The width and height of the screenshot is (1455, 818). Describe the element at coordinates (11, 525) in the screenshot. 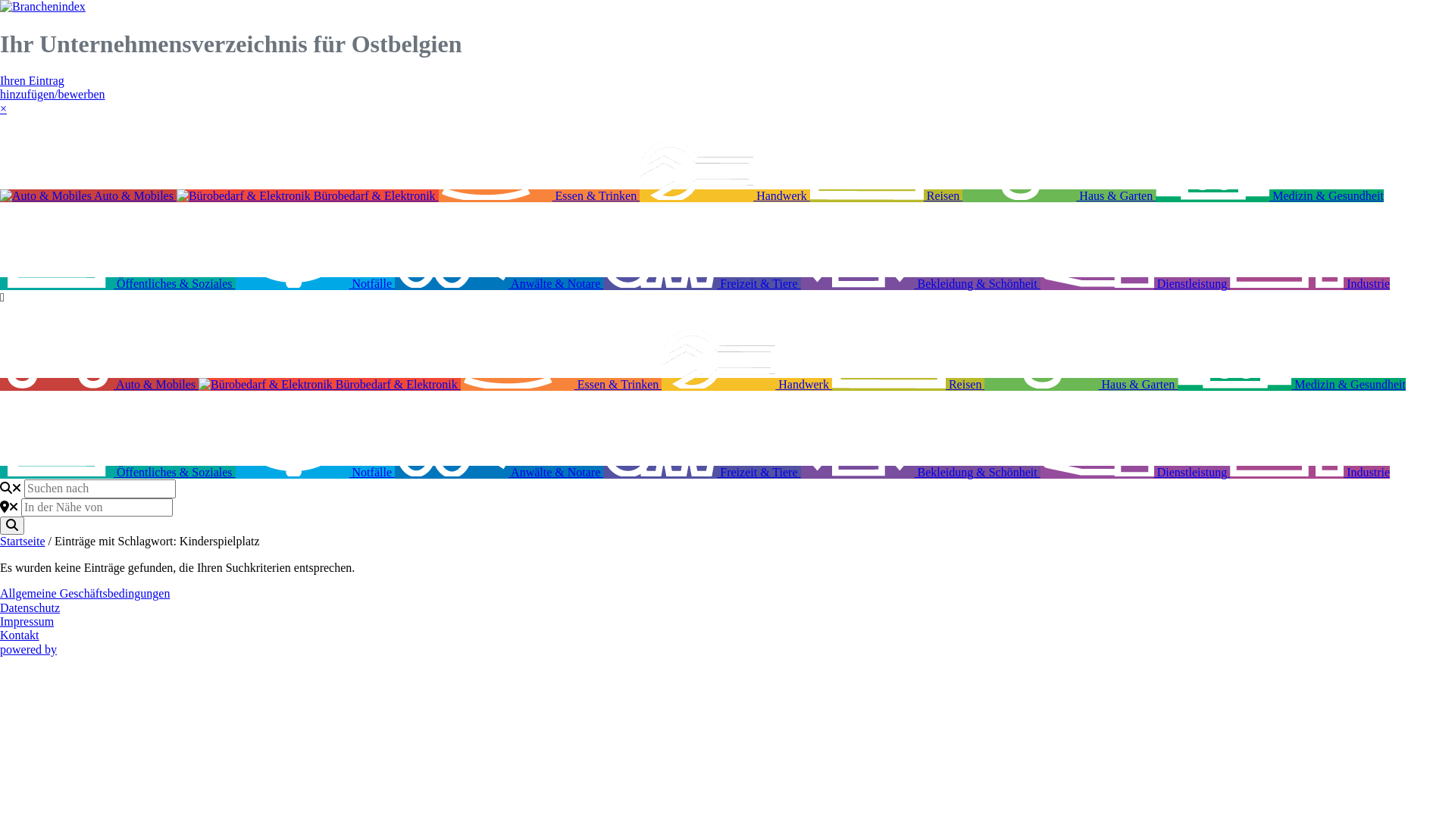

I see `'Suchen'` at that location.